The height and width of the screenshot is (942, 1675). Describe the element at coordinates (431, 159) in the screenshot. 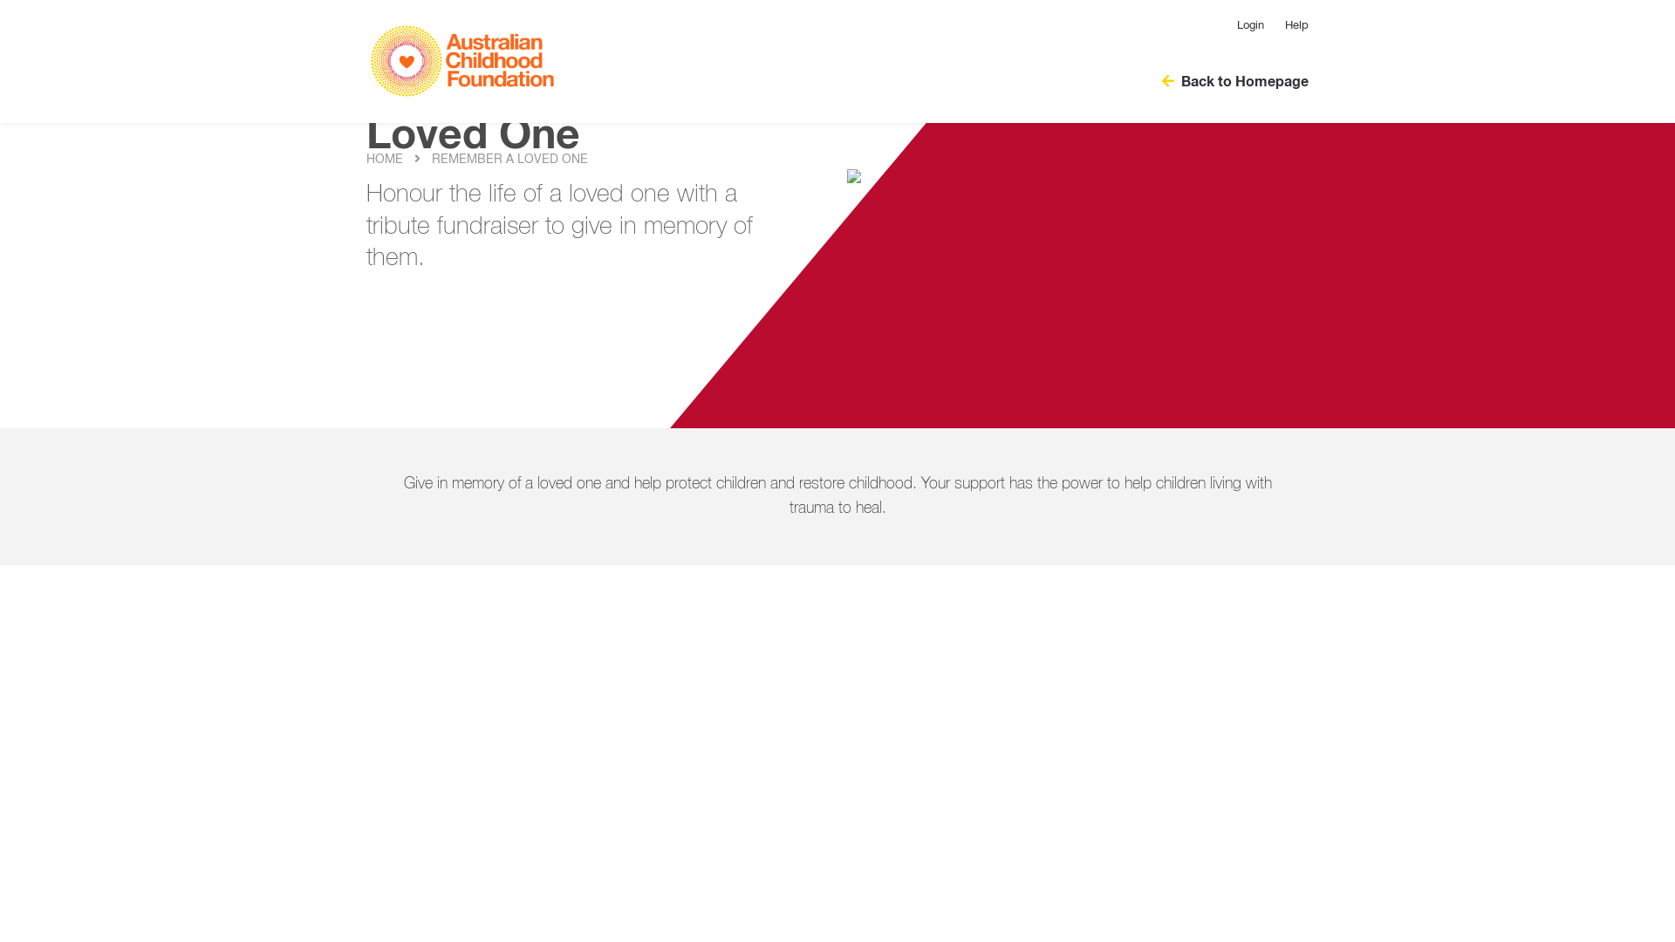

I see `'REMEMBER A LOVED ONE'` at that location.